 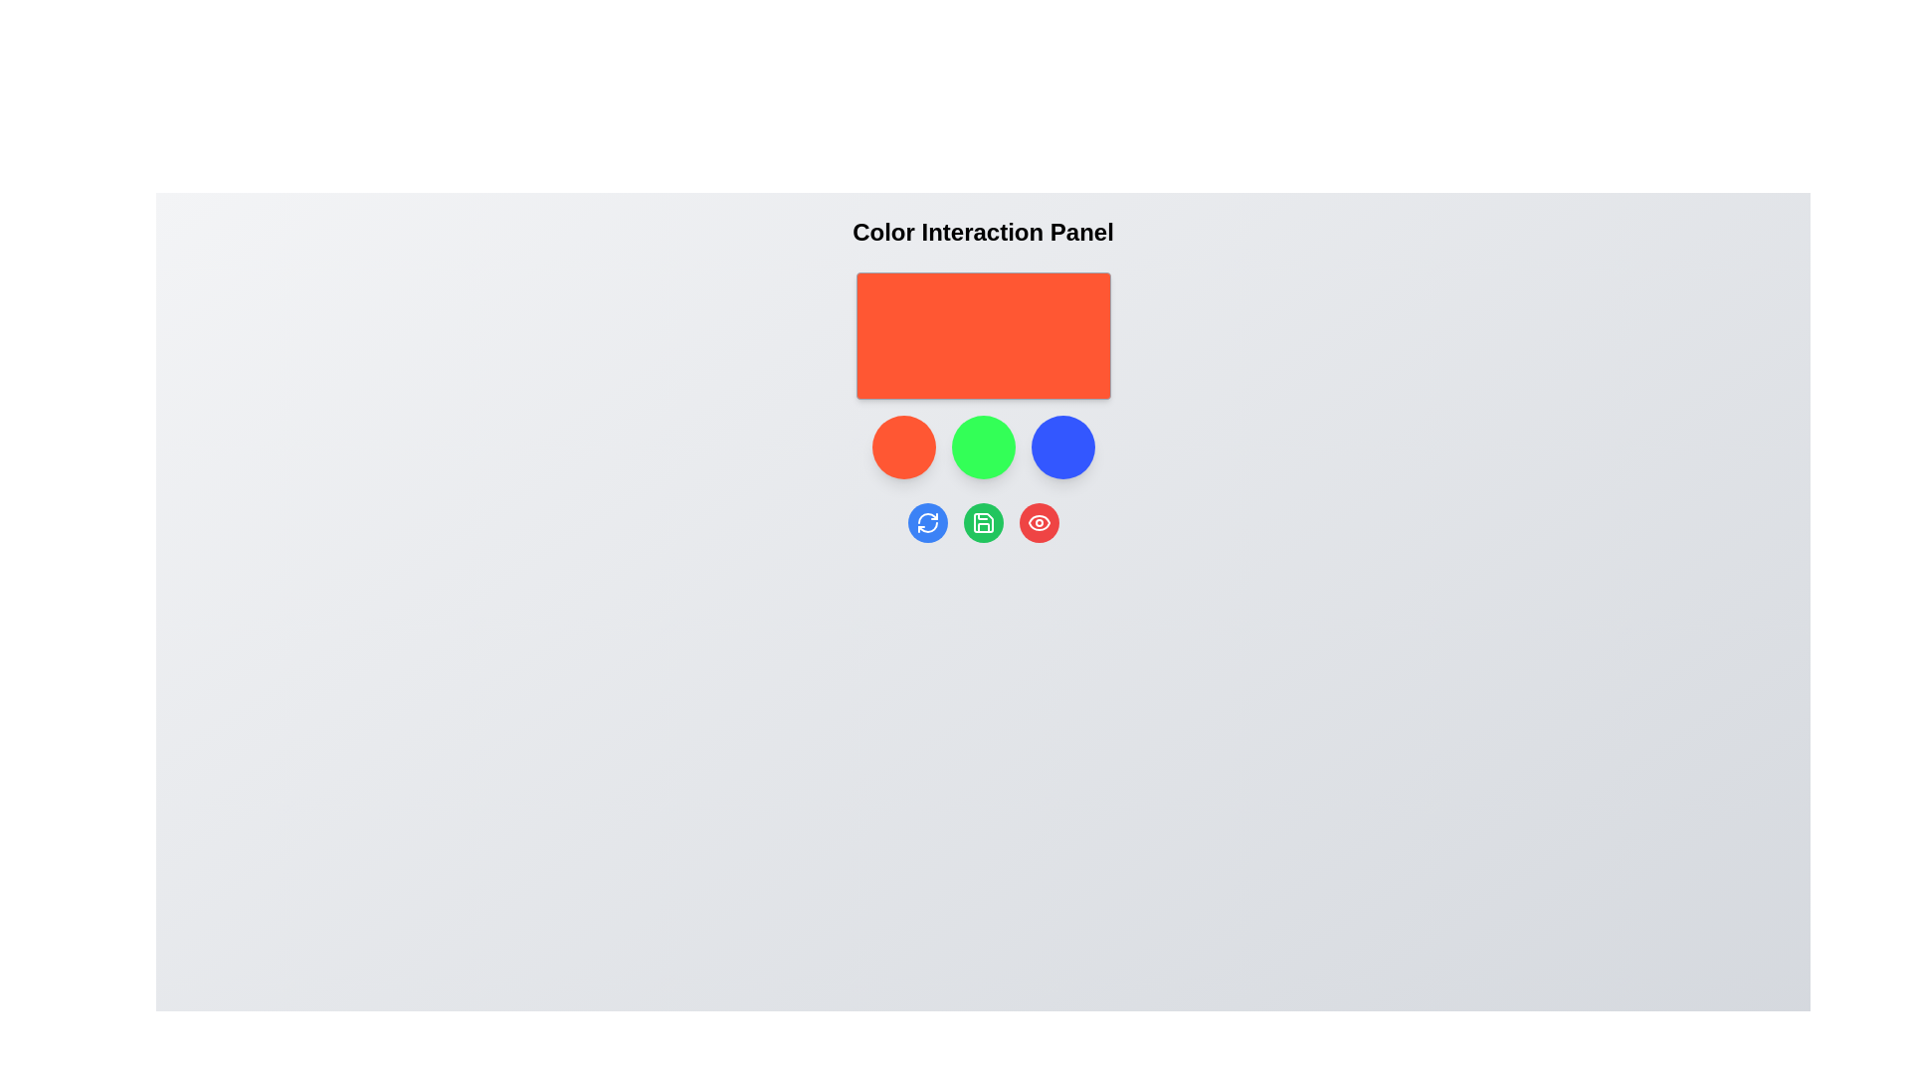 What do you see at coordinates (983, 232) in the screenshot?
I see `the header text displaying 'Color Interaction Panel' which is located at the top center of the interface` at bounding box center [983, 232].